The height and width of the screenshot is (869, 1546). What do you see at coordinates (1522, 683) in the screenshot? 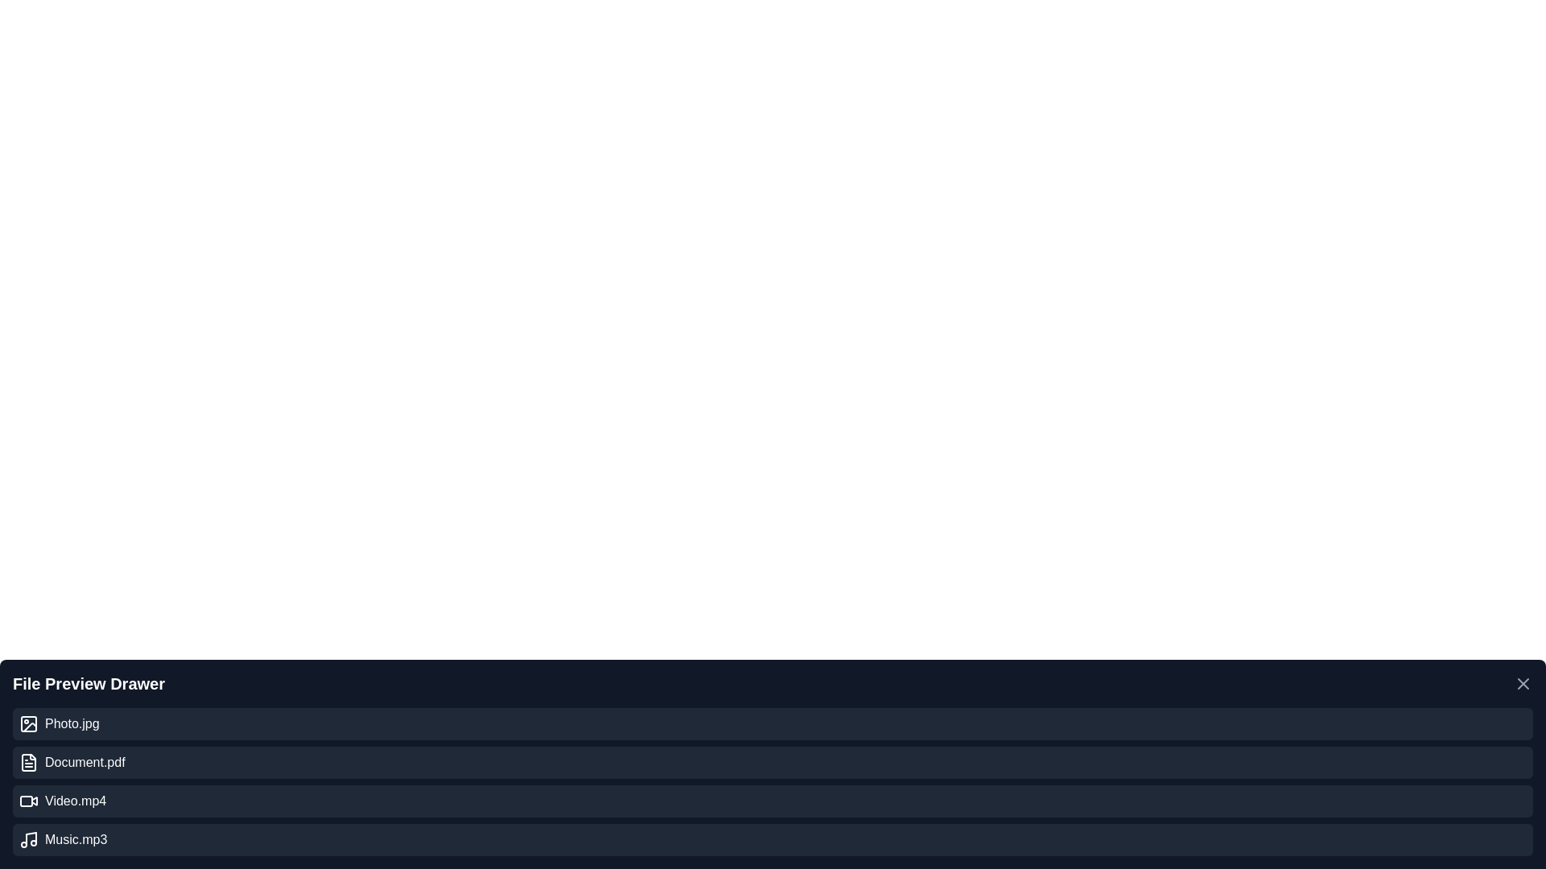
I see `the close button represented by the 'X' symbol in the top-right corner of the viewport` at bounding box center [1522, 683].